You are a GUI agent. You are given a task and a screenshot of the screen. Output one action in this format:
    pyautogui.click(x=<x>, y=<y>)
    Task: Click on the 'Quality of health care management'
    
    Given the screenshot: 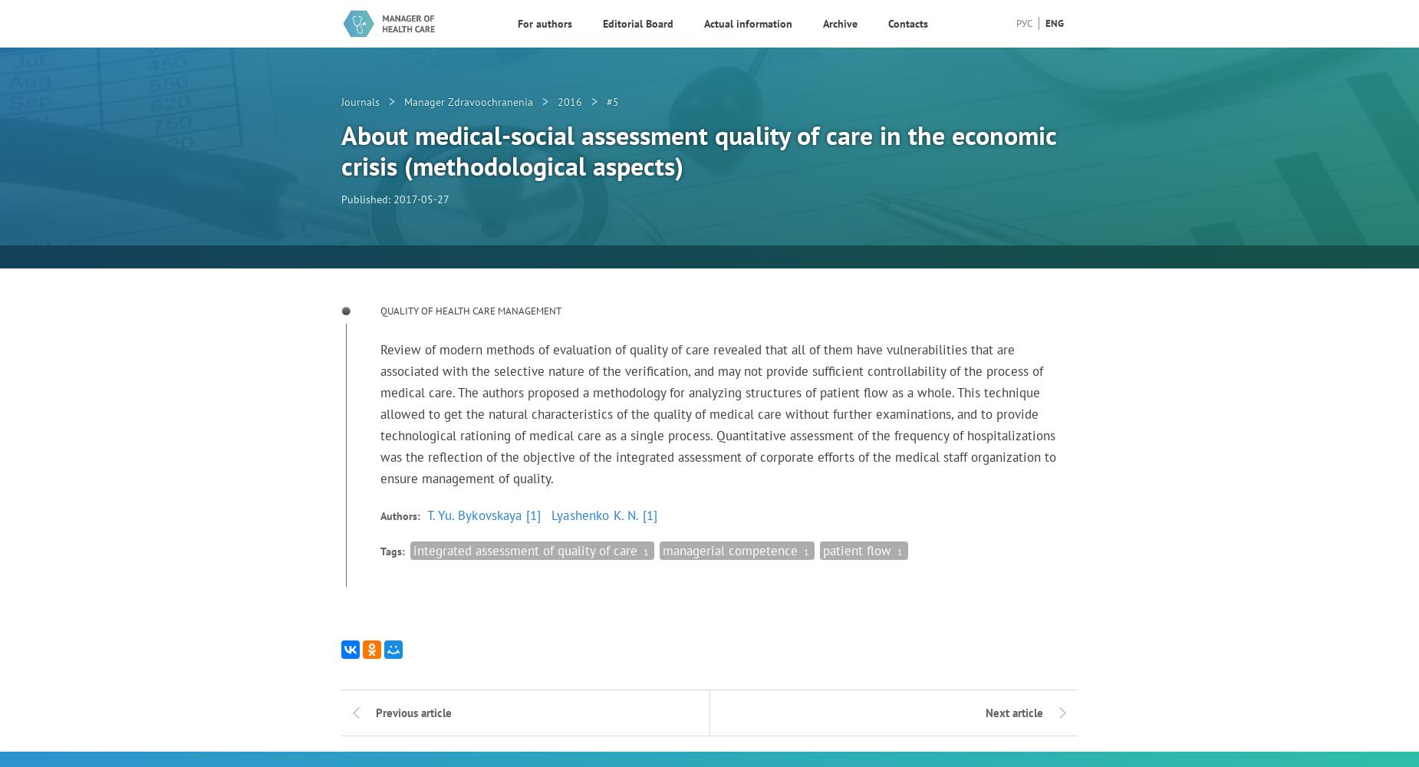 What is the action you would take?
    pyautogui.click(x=471, y=311)
    